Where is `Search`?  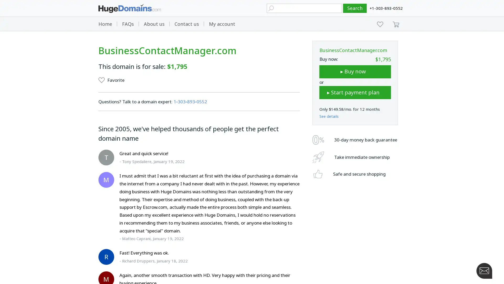
Search is located at coordinates (355, 8).